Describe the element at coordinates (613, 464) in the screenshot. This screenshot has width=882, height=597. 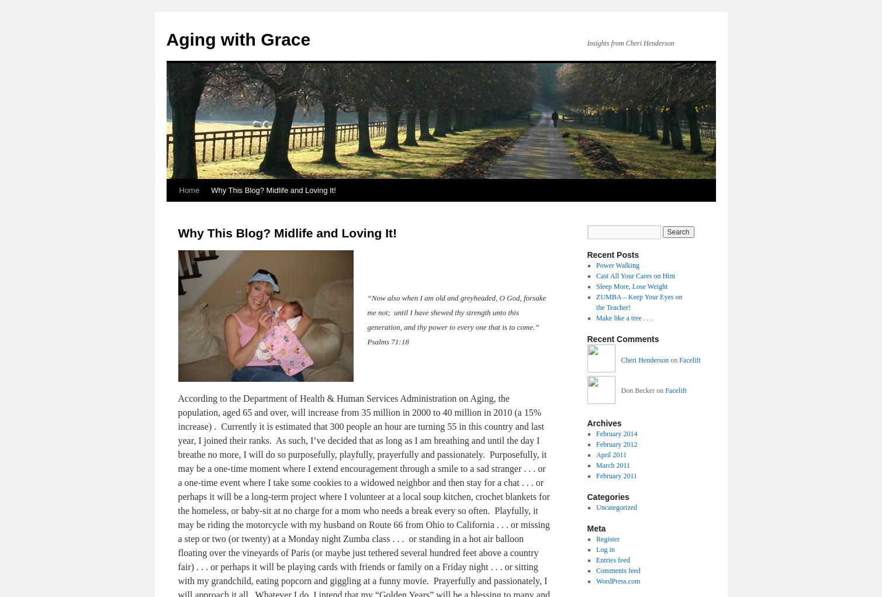
I see `'March 2011'` at that location.